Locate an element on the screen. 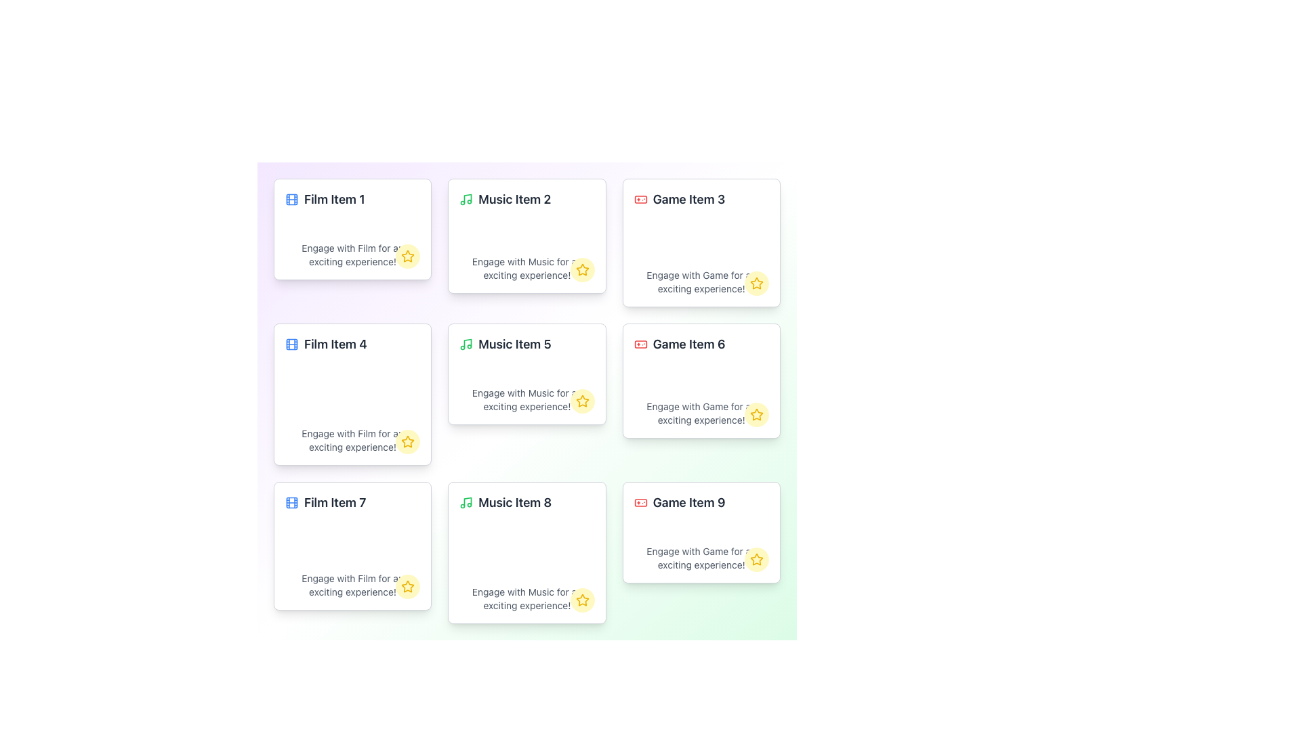 The height and width of the screenshot is (731, 1301). the small, red game controller icon located to the left of the 'Game Item 3' label is located at coordinates (640, 199).